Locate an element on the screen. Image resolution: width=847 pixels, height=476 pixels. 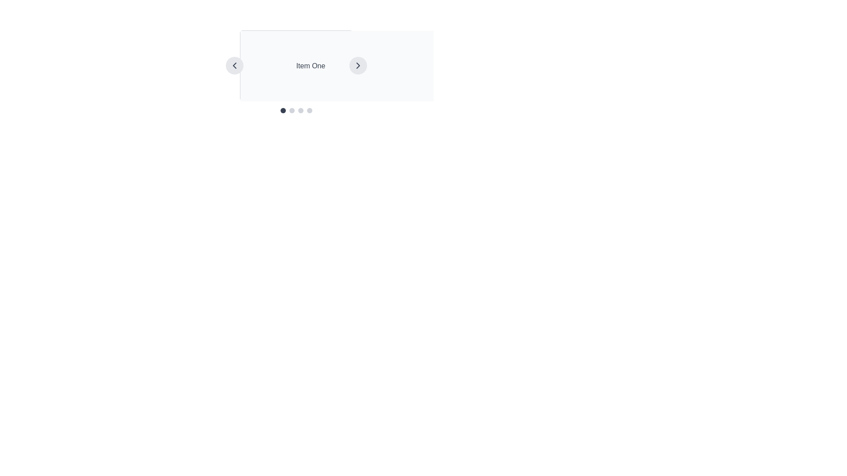
the forward navigation button located at the rightmost edge of the carousel interface is located at coordinates (358, 65).